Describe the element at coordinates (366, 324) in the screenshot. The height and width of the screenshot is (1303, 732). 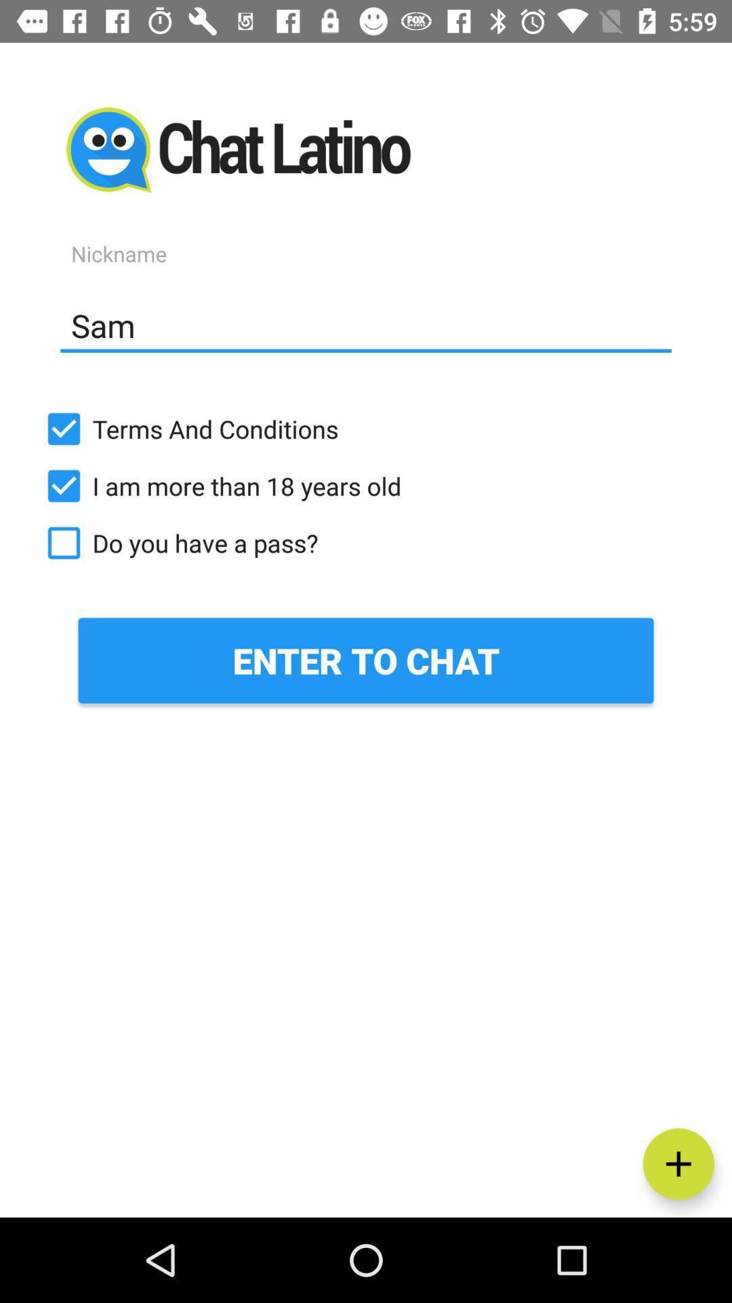
I see `item above terms and conditions icon` at that location.